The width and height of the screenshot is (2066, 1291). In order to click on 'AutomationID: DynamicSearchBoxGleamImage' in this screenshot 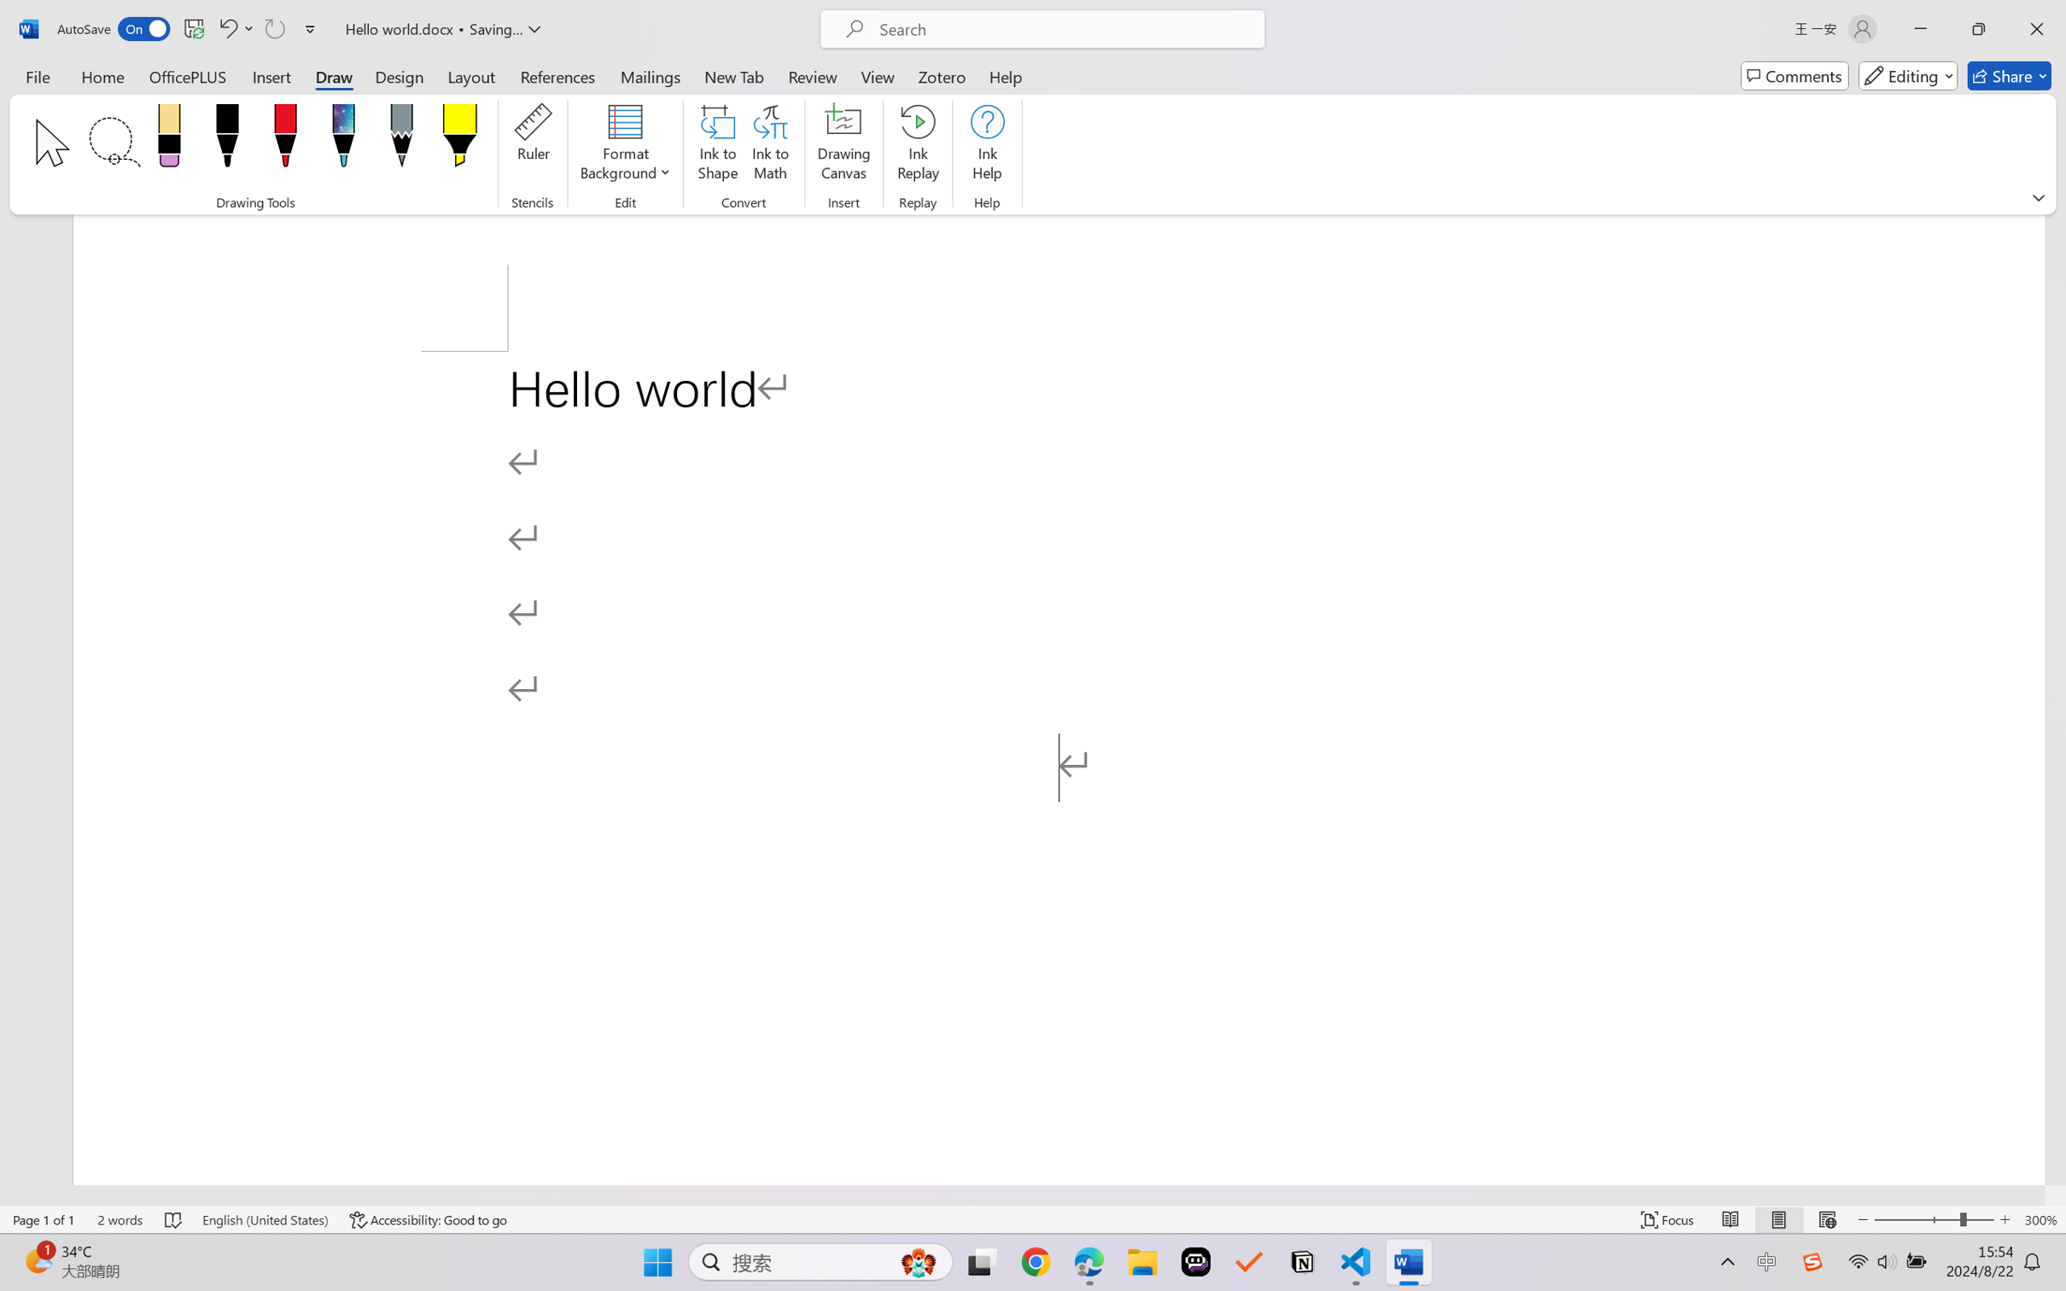, I will do `click(919, 1262)`.